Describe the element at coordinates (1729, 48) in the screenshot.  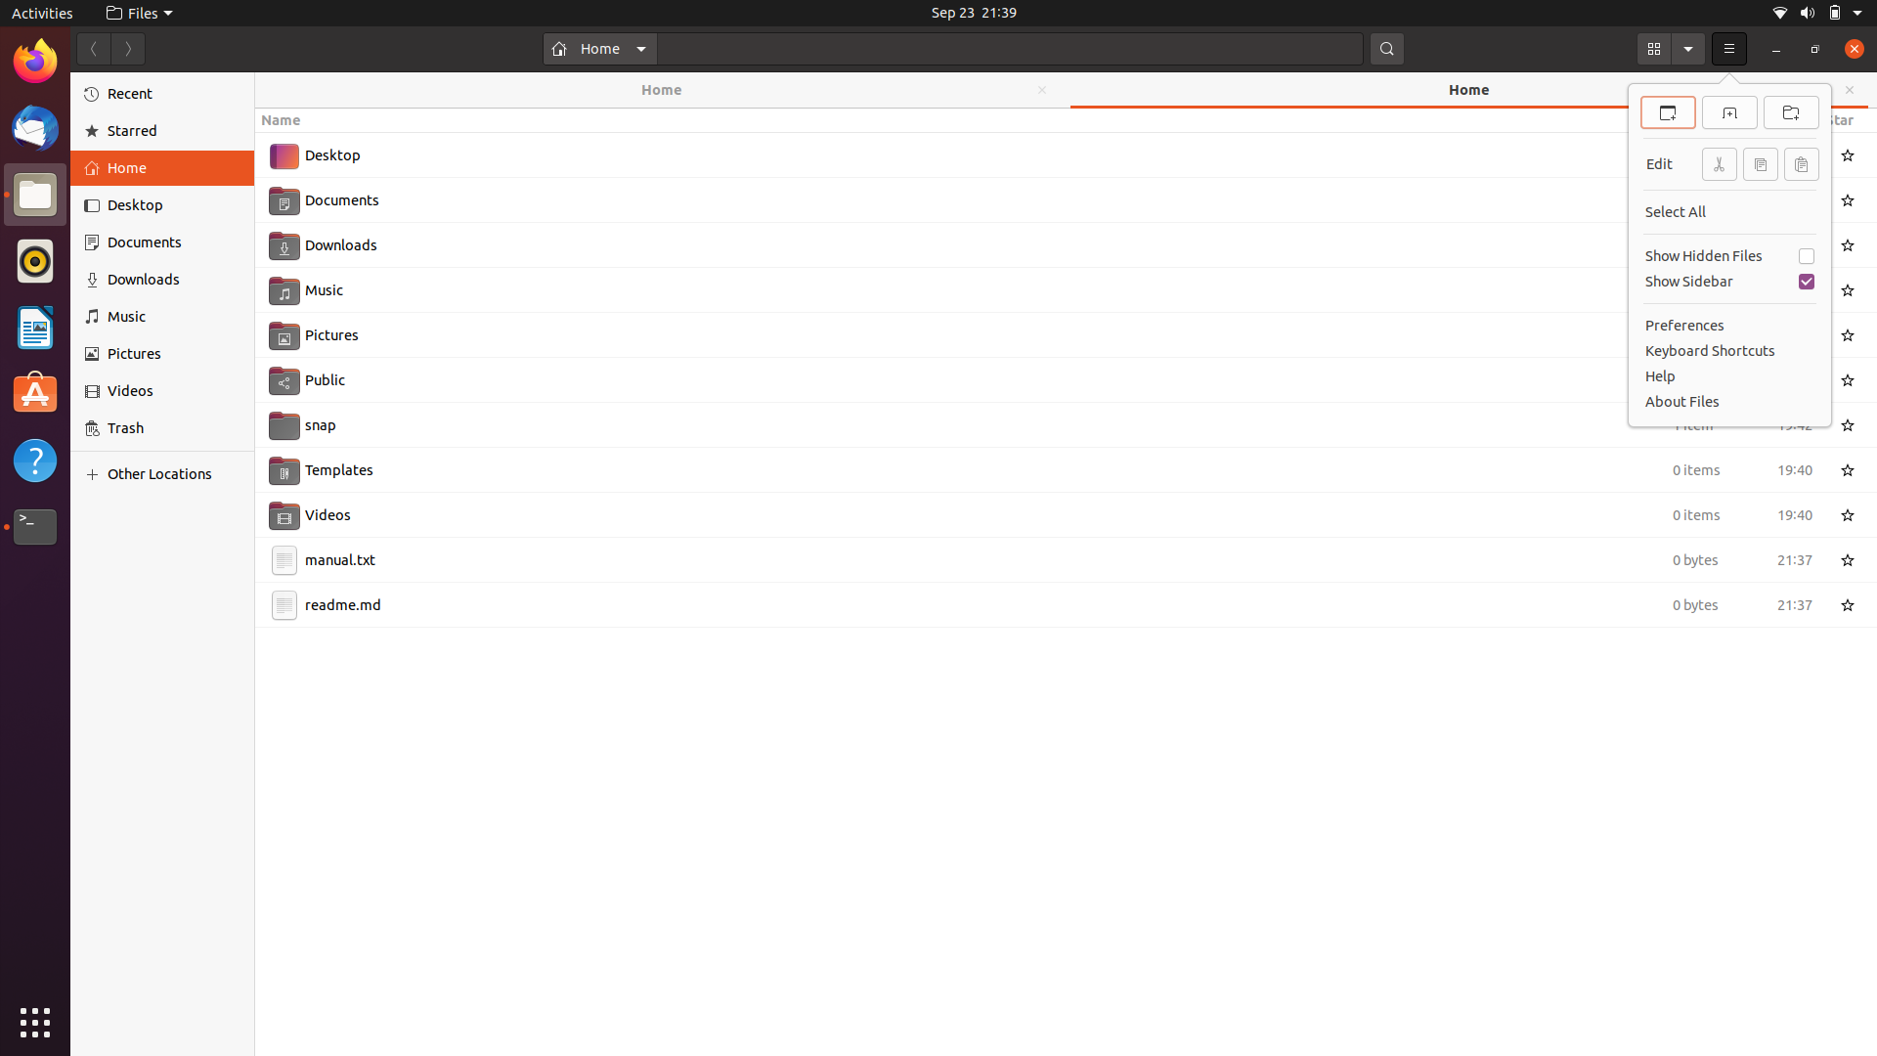
I see `the second option in the dropdown menu using a combination of mouse click and keystrokes` at that location.